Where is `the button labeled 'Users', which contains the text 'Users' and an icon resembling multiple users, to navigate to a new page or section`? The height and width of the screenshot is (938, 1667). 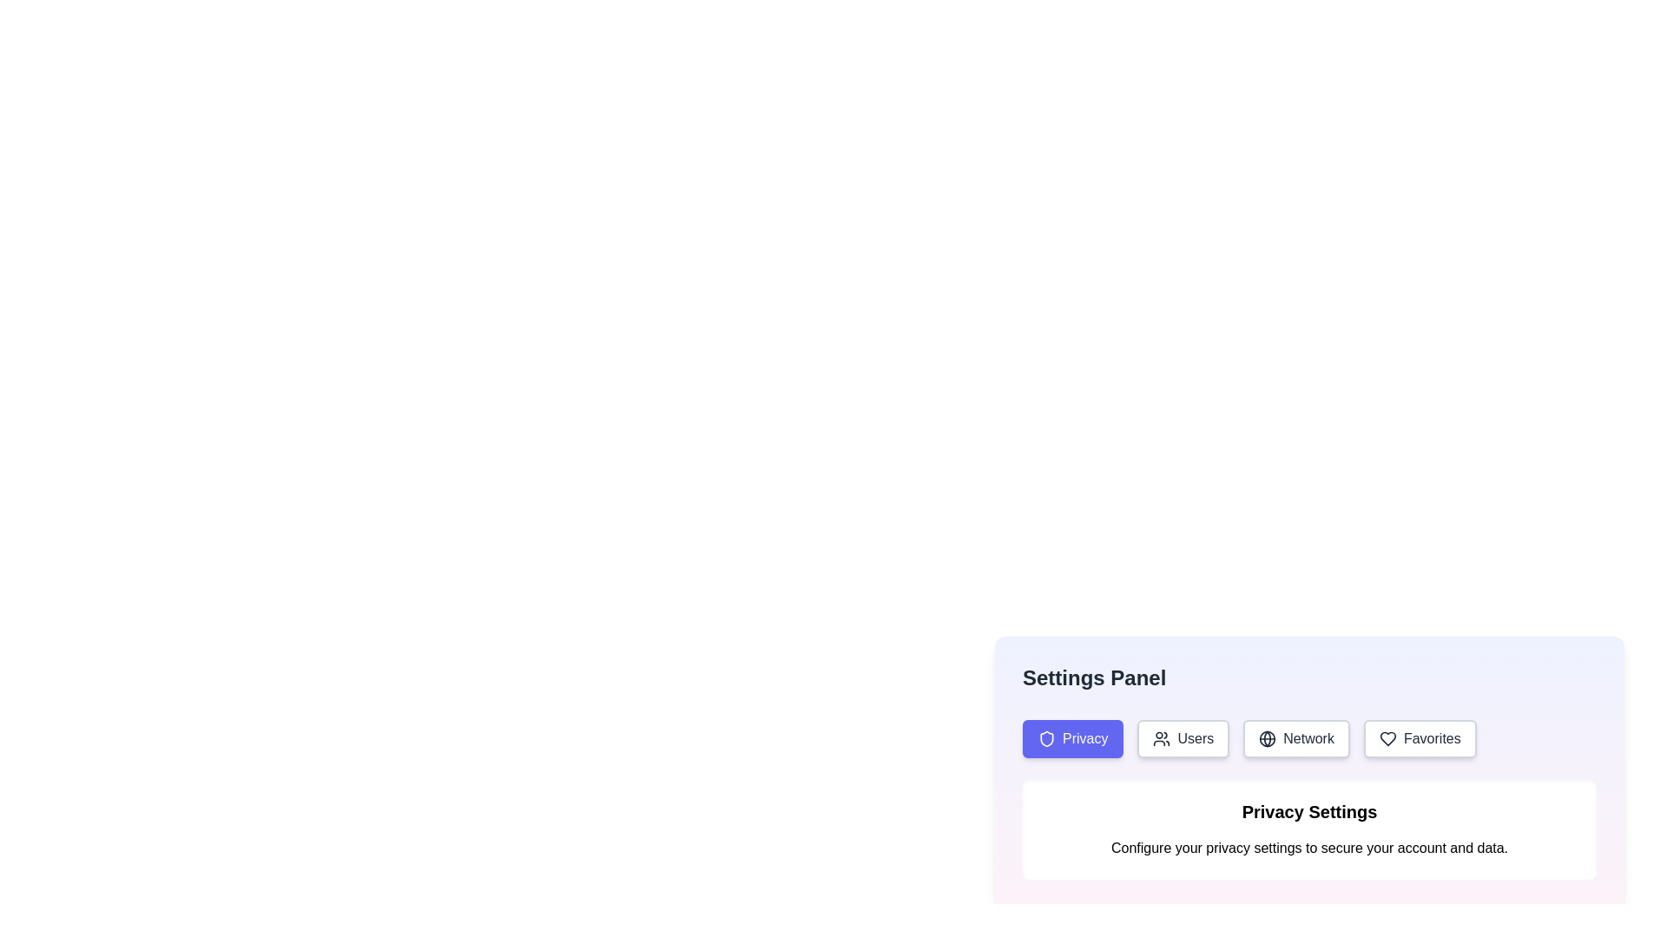 the button labeled 'Users', which contains the text 'Users' and an icon resembling multiple users, to navigate to a new page or section is located at coordinates (1195, 739).